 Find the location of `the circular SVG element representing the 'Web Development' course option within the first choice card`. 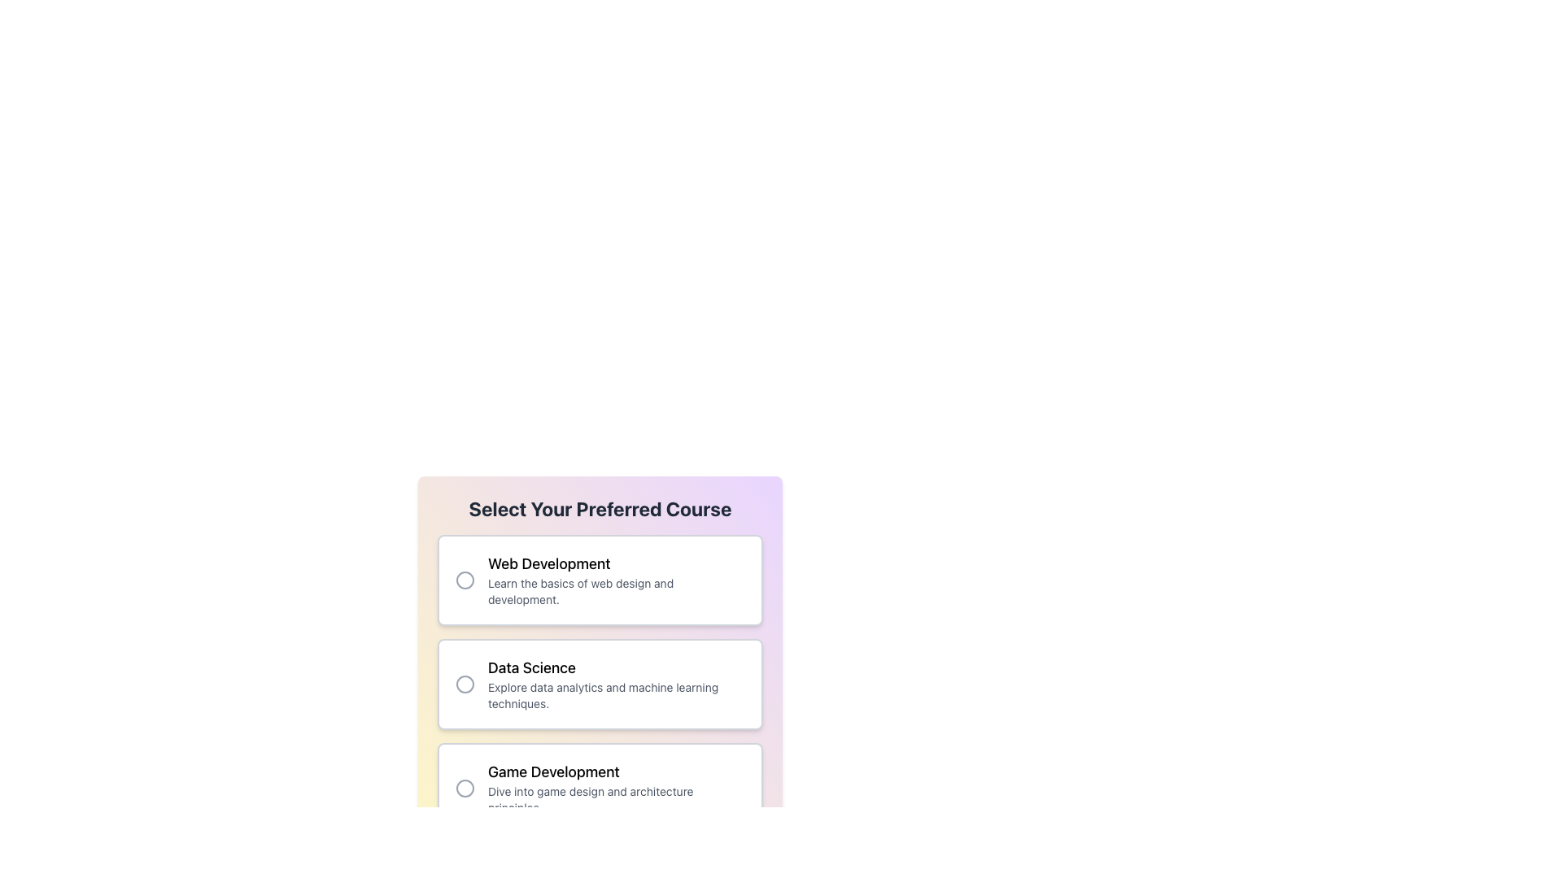

the circular SVG element representing the 'Web Development' course option within the first choice card is located at coordinates (464, 579).